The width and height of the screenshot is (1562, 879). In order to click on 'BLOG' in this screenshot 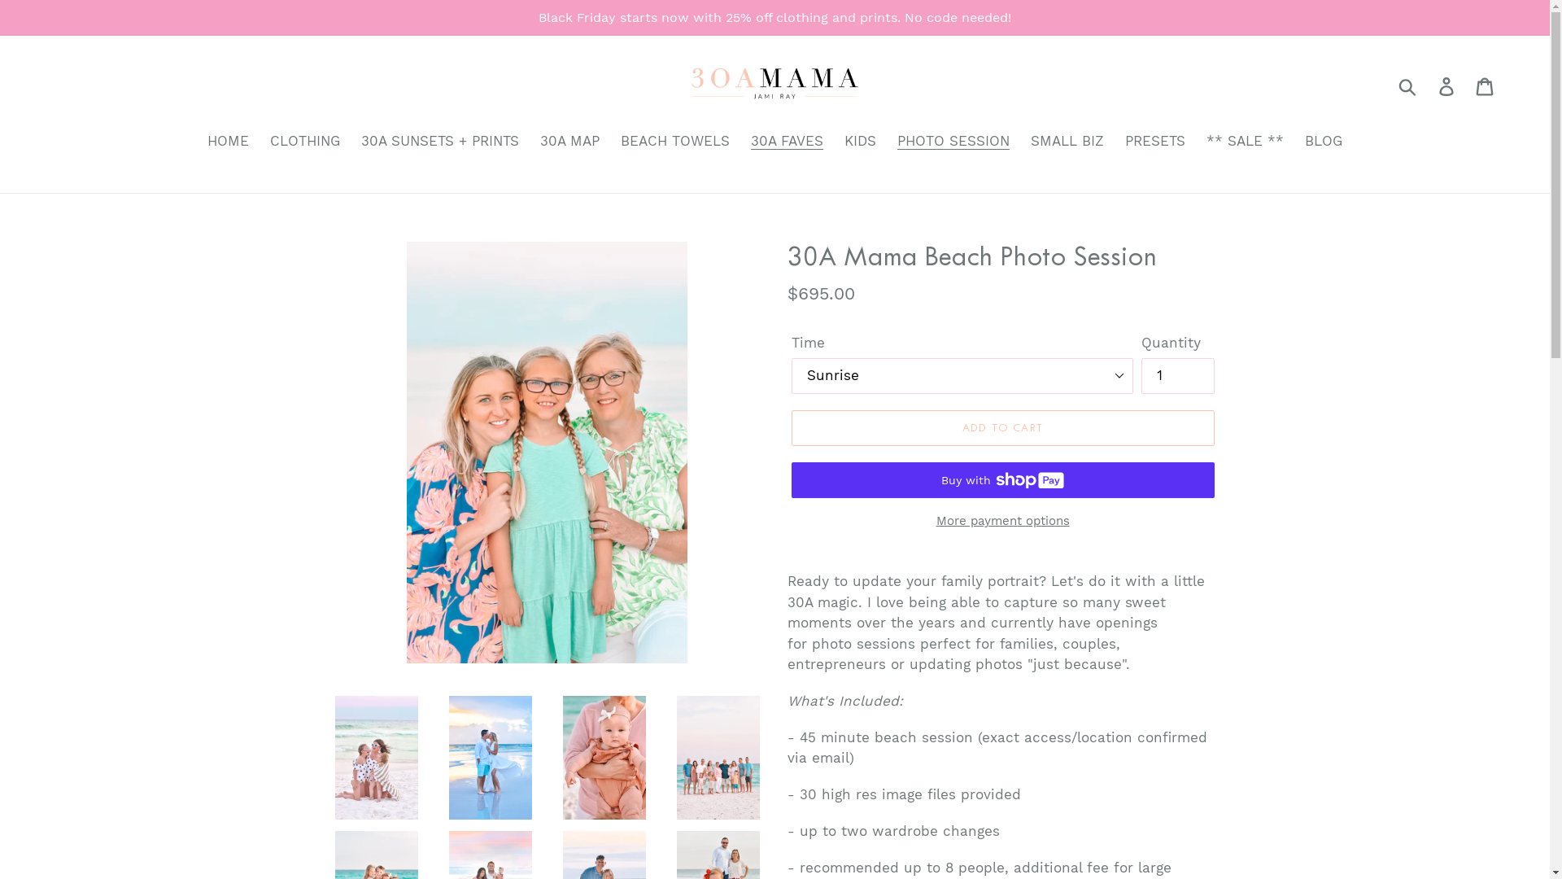, I will do `click(1324, 142)`.